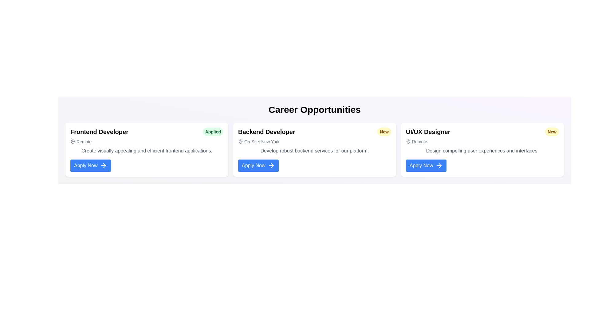  Describe the element at coordinates (73, 142) in the screenshot. I see `the 'Remote' job location icon located in the first job section titled 'Frontend Developer', positioned in the upper-left corner of the interface, to the left of the 'Remote' text` at that location.